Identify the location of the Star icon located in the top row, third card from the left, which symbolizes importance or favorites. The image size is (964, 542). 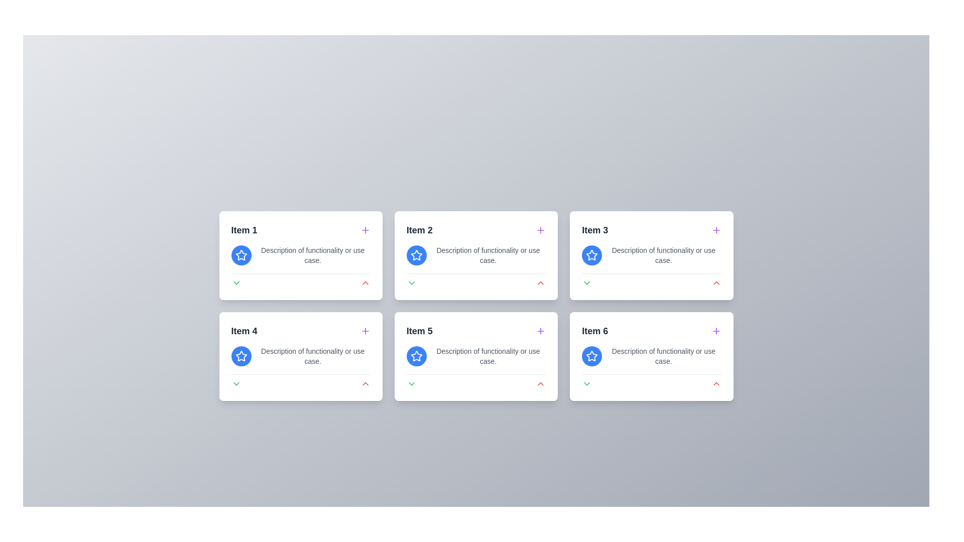
(592, 255).